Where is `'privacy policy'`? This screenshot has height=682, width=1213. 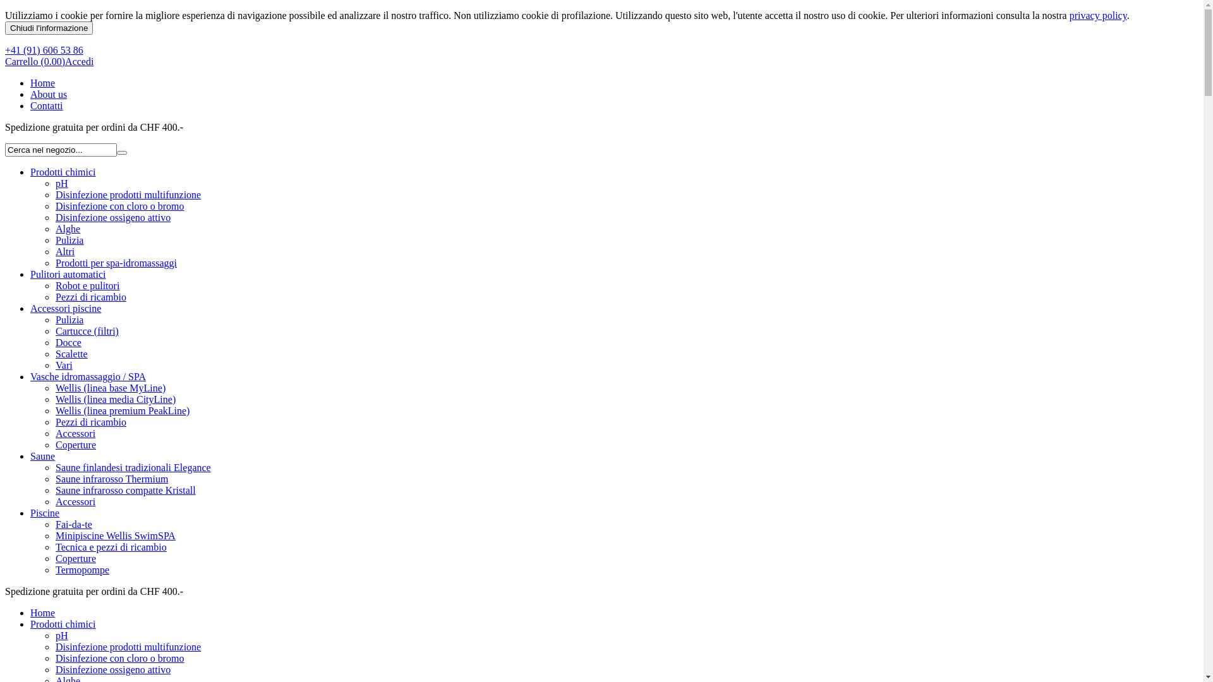 'privacy policy' is located at coordinates (1097, 15).